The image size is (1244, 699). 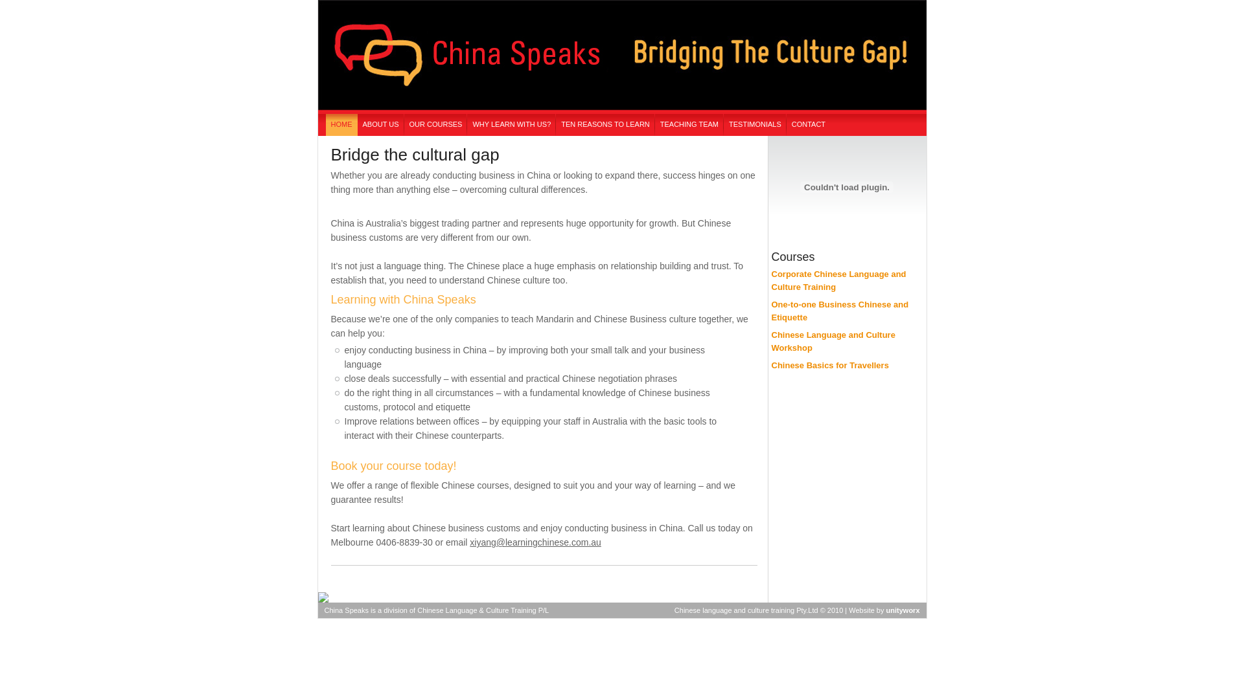 I want to click on 'xiyang@learningchinese.com.au', so click(x=468, y=542).